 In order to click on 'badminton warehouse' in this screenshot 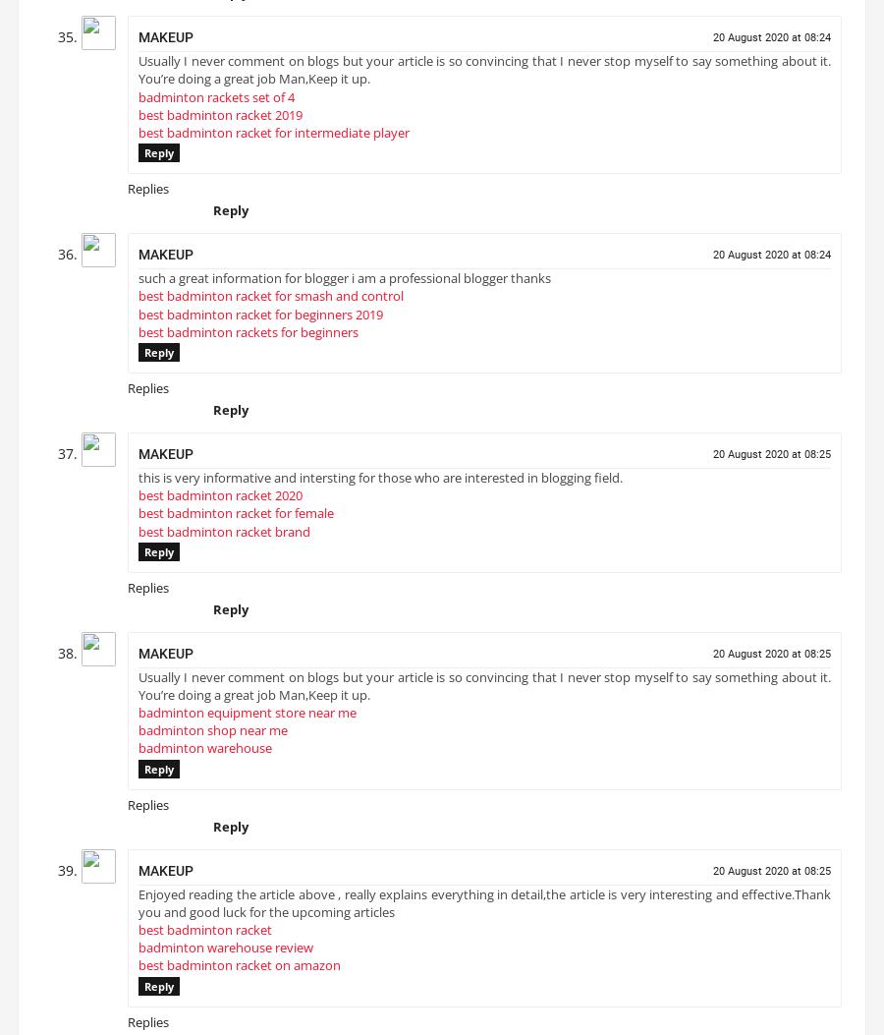, I will do `click(204, 756)`.